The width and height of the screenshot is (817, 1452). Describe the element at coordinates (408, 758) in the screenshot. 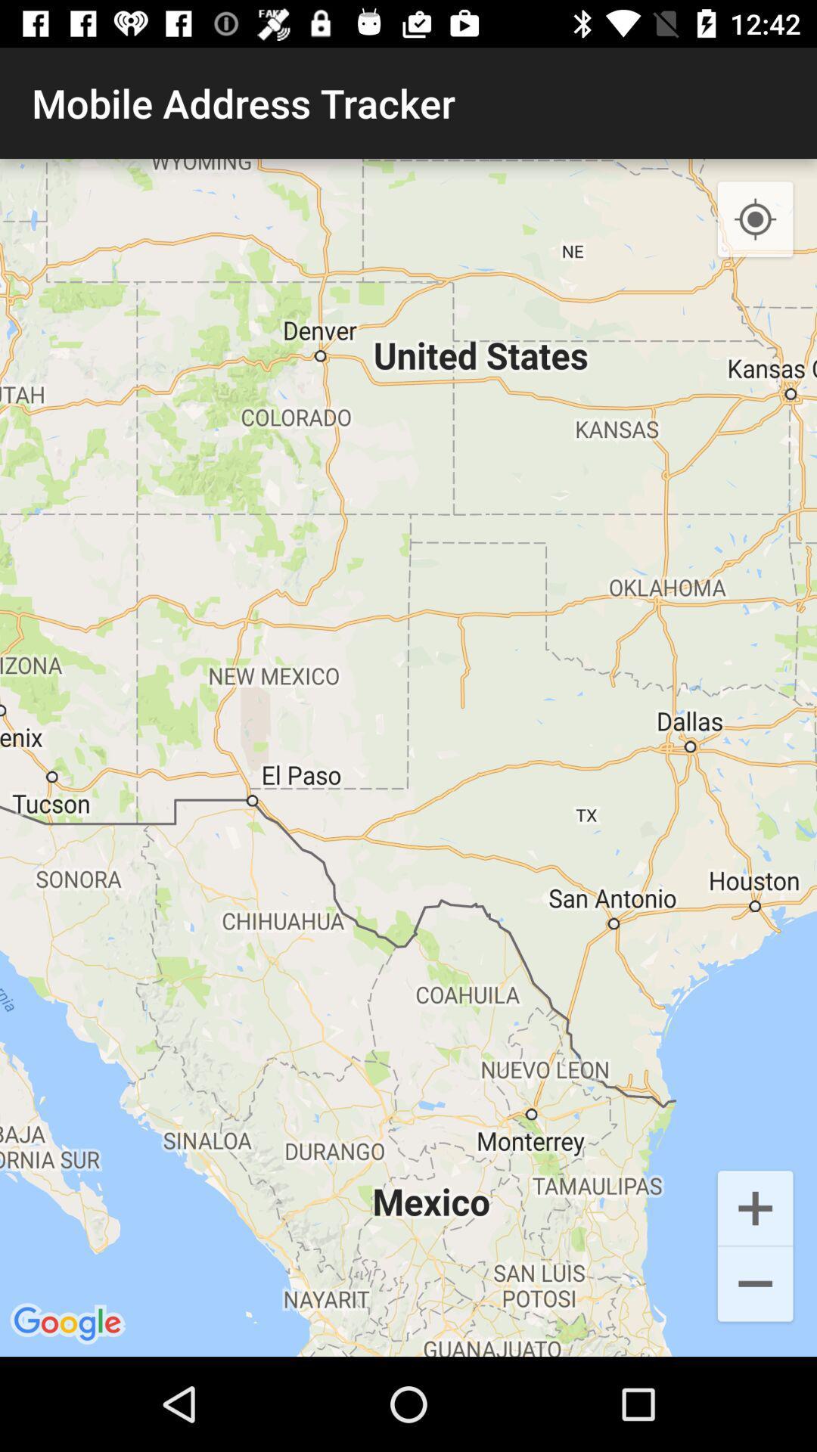

I see `the item below mobile address tracker` at that location.